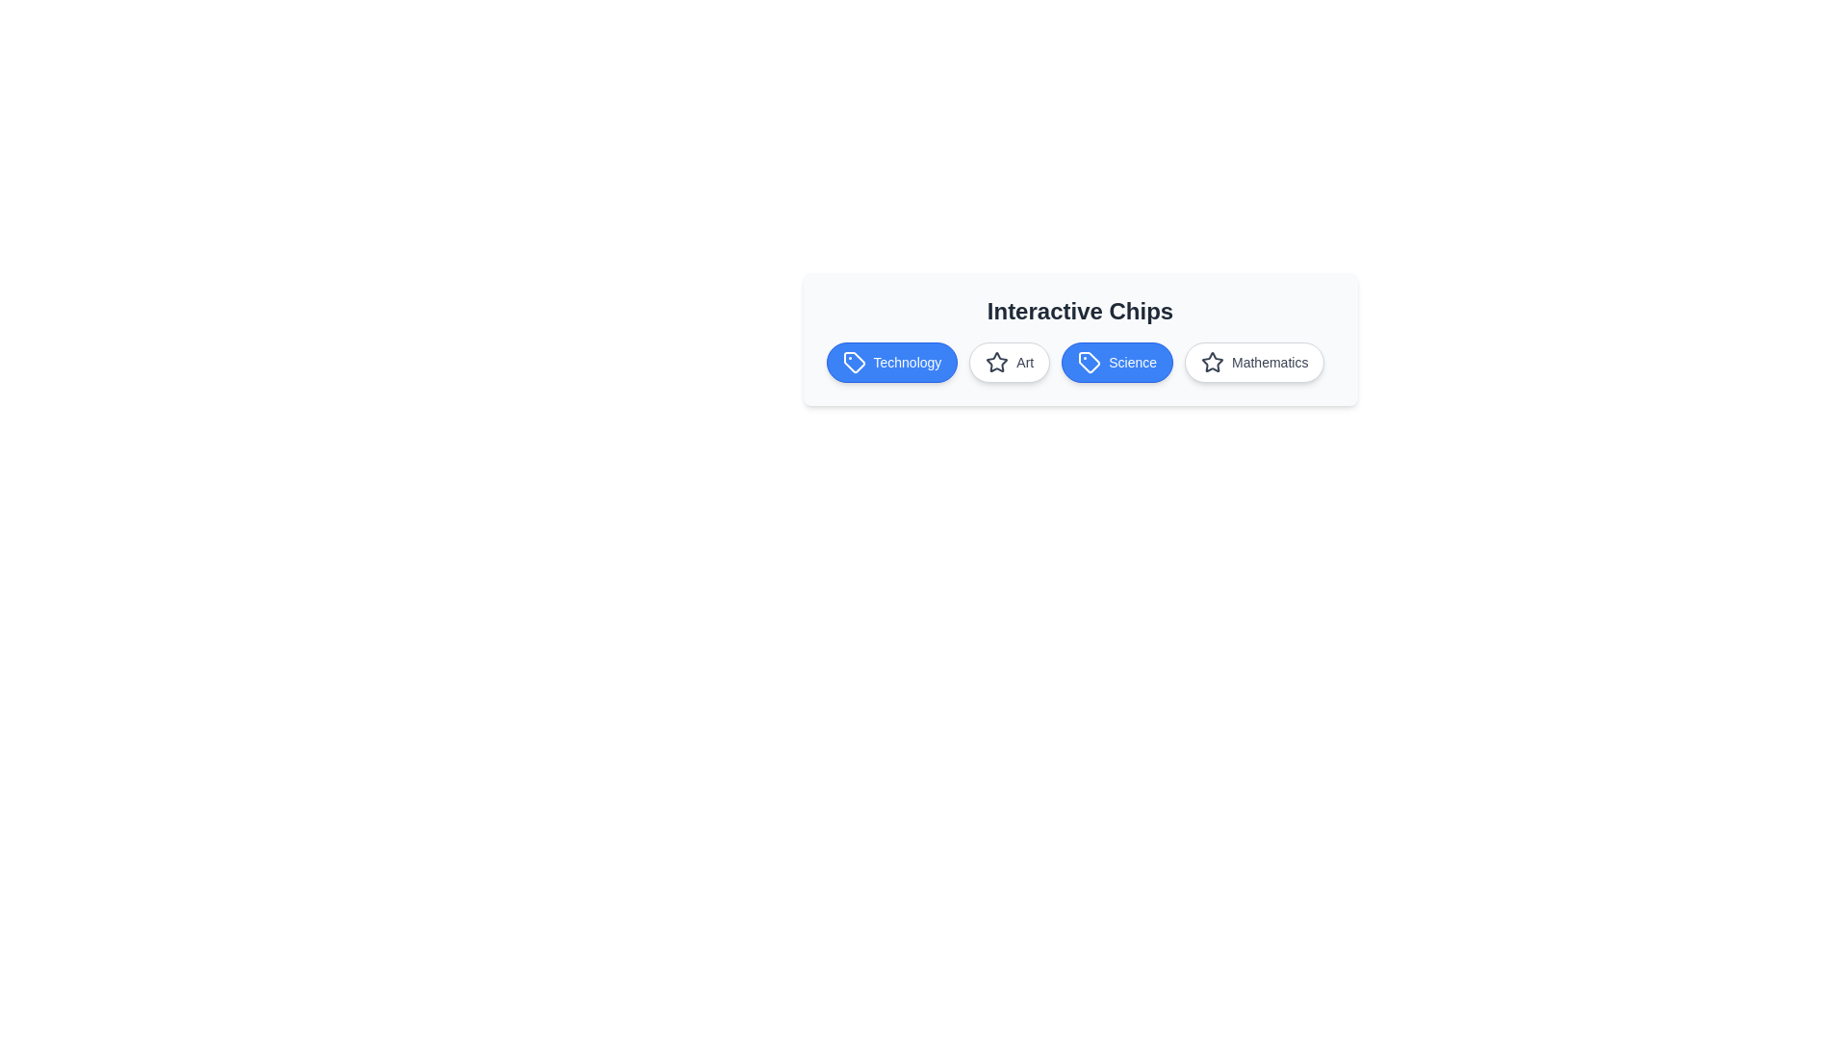 The width and height of the screenshot is (1848, 1039). What do you see at coordinates (1009, 363) in the screenshot?
I see `the 'Art' chip to toggle its activation state` at bounding box center [1009, 363].